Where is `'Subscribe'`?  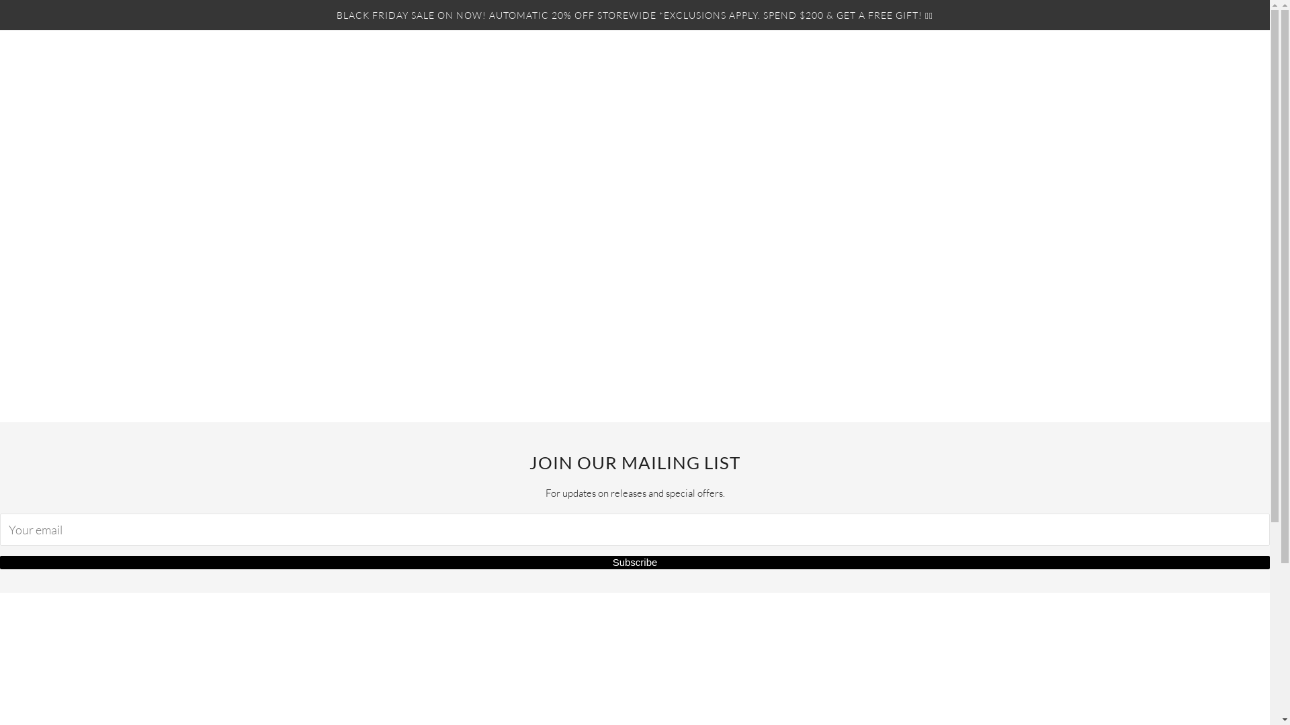 'Subscribe' is located at coordinates (634, 562).